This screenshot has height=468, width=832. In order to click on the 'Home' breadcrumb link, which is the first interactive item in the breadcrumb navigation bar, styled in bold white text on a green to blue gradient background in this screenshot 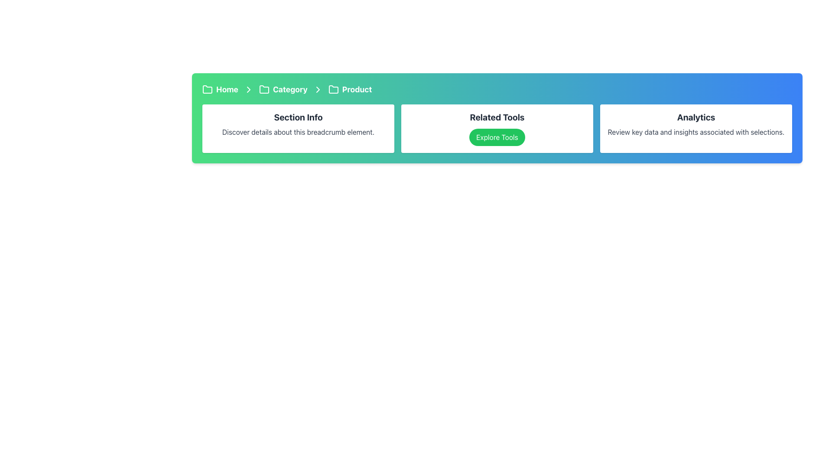, I will do `click(220, 90)`.